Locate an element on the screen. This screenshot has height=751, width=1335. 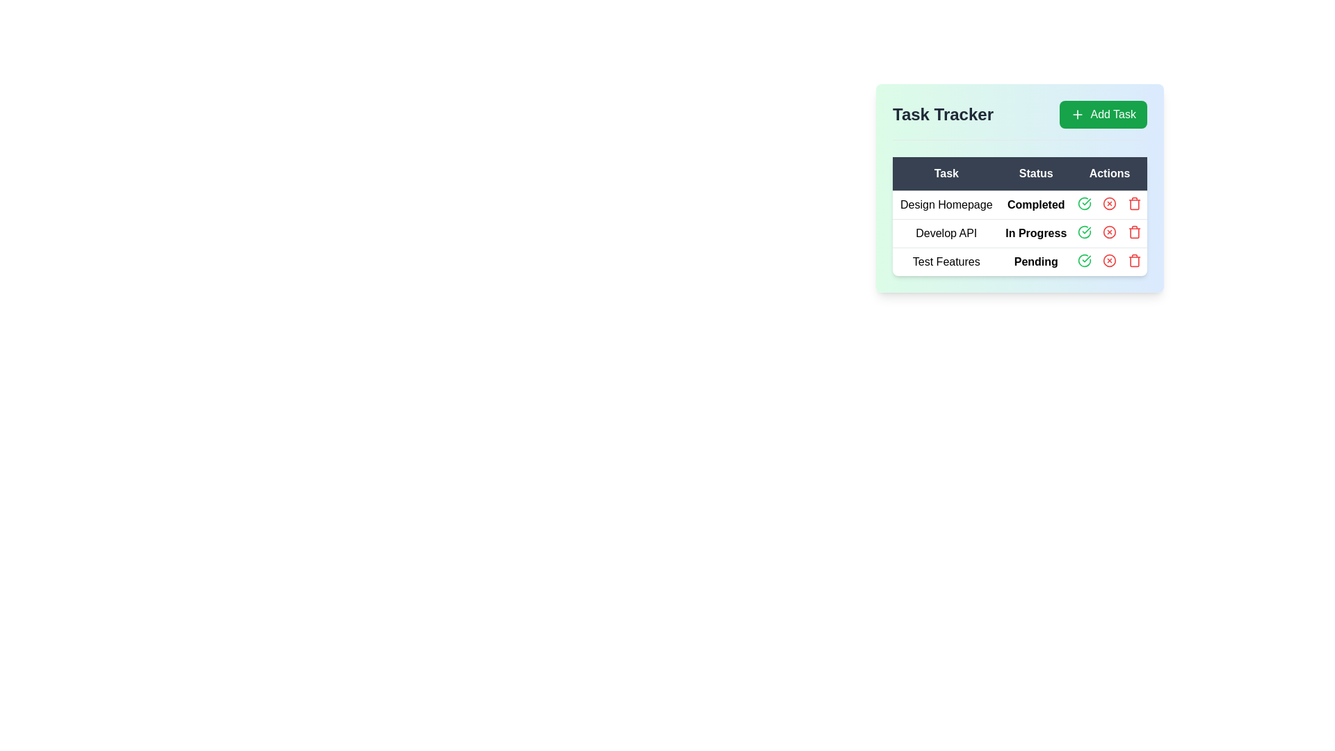
the red 'X' button/icon in the Actions section of the task list is located at coordinates (1109, 204).